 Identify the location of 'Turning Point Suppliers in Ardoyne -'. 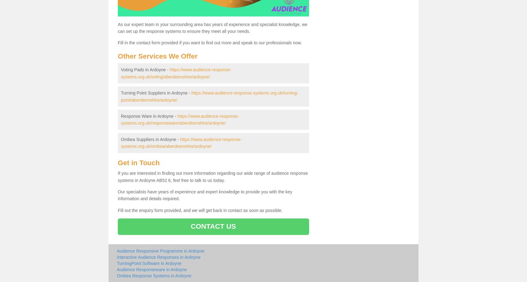
(120, 93).